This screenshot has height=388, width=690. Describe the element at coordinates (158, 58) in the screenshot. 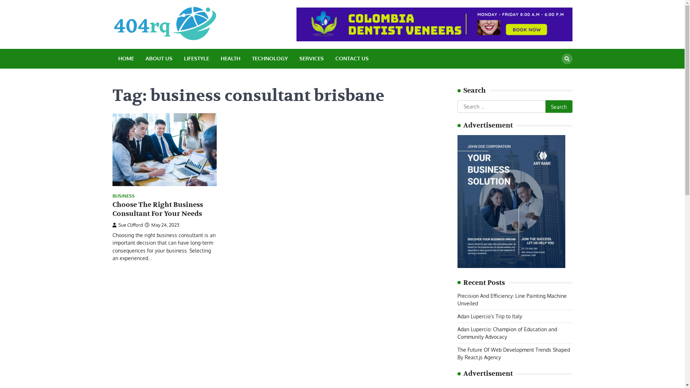

I see `'ABOUT US'` at that location.